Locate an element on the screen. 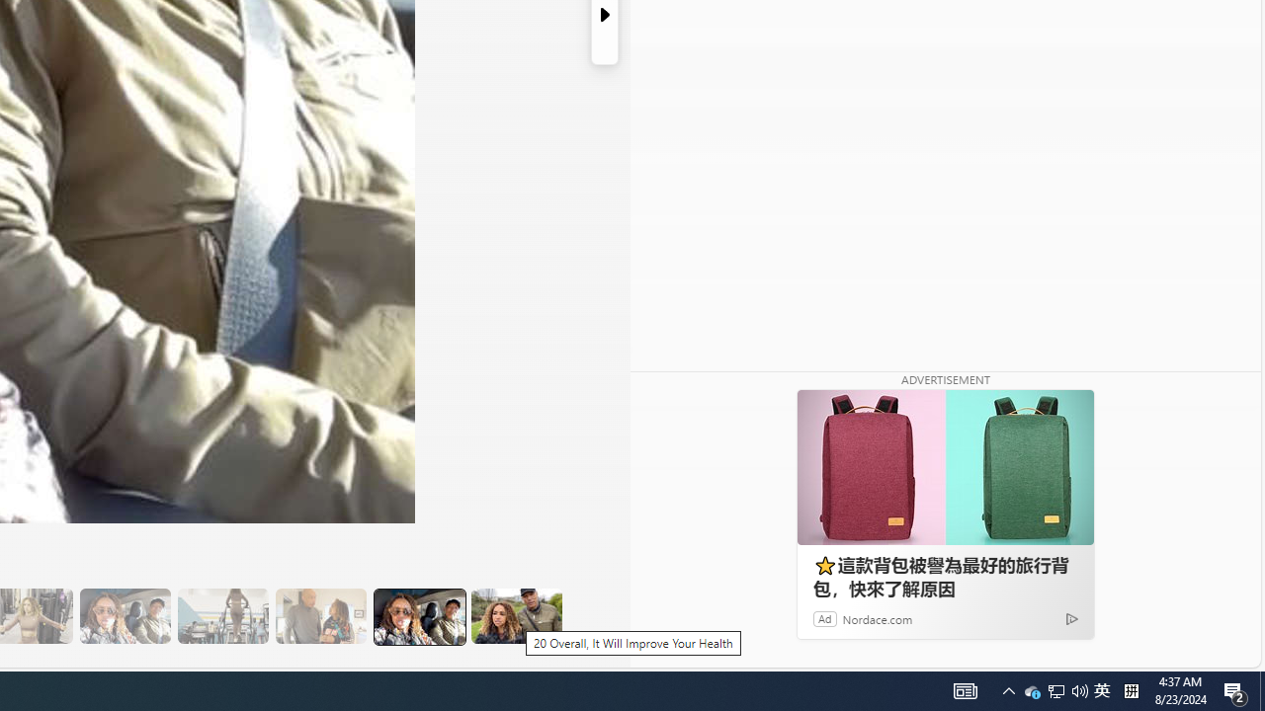 Image resolution: width=1265 pixels, height=711 pixels. '19 It Also Simplifies Thiings' is located at coordinates (417, 615).